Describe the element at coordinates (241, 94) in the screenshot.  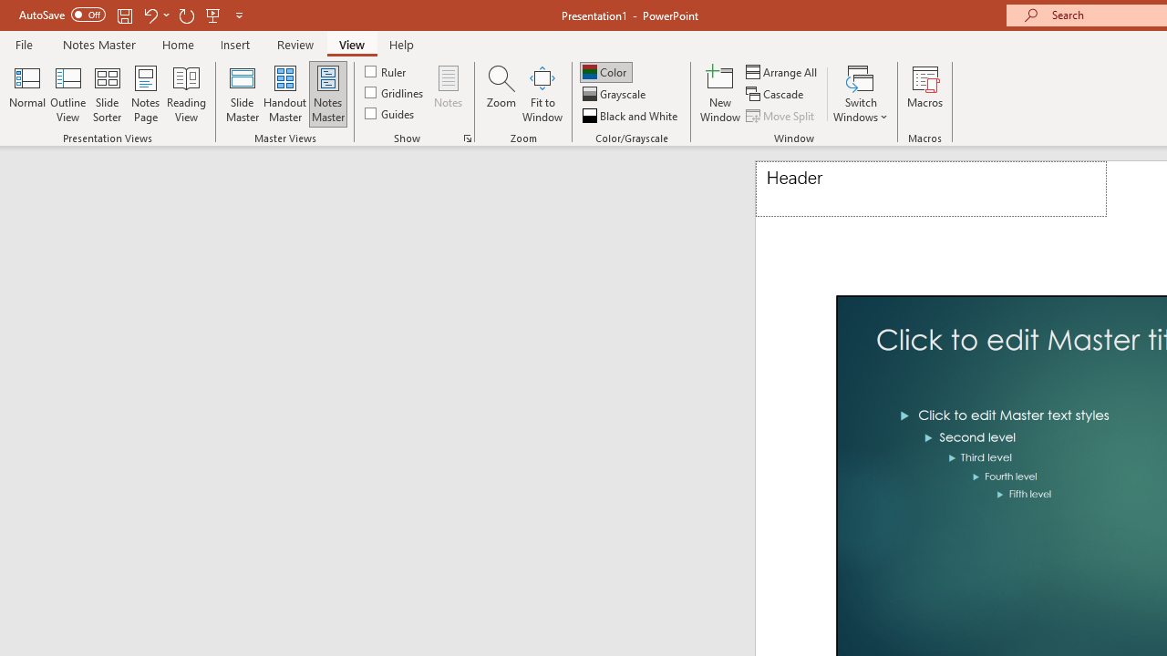
I see `'Slide Master'` at that location.